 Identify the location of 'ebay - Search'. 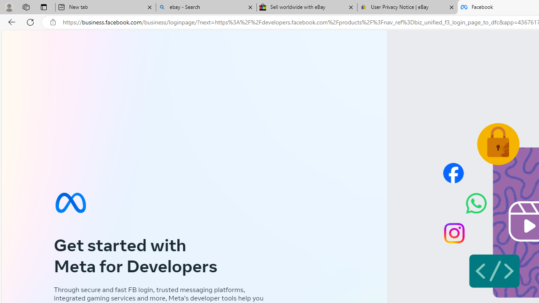
(206, 7).